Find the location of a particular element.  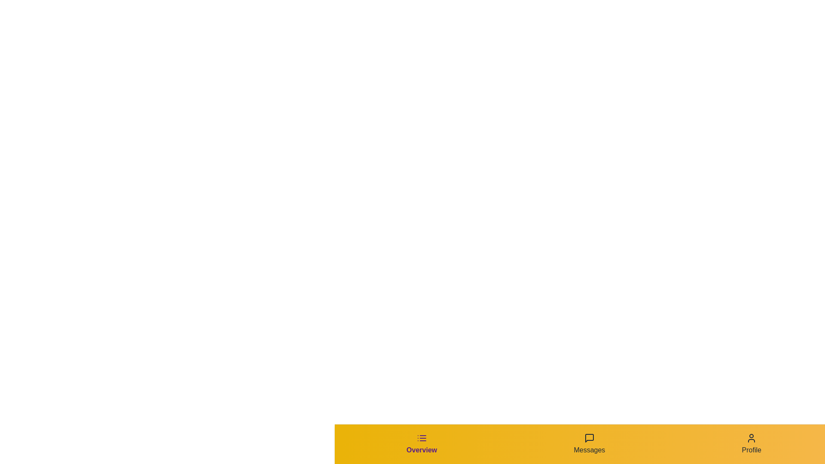

the tab labeled Messages to select it is located at coordinates (589, 444).